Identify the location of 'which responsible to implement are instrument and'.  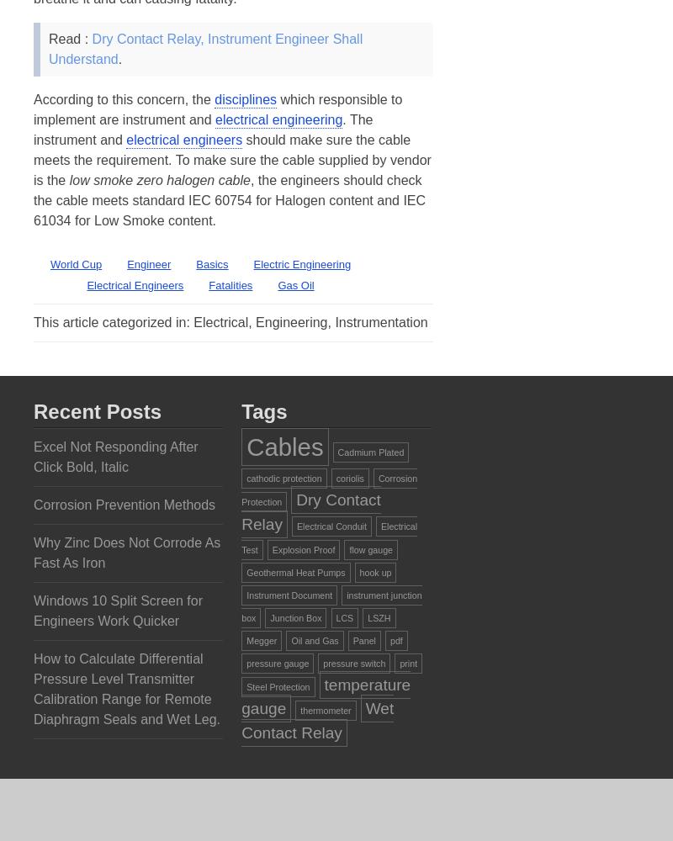
(217, 109).